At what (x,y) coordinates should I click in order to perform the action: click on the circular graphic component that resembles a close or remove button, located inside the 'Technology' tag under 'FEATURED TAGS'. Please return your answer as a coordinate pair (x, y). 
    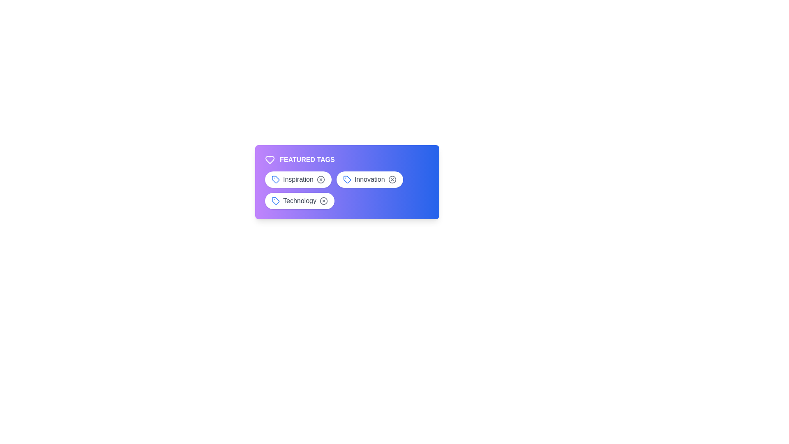
    Looking at the image, I should click on (323, 201).